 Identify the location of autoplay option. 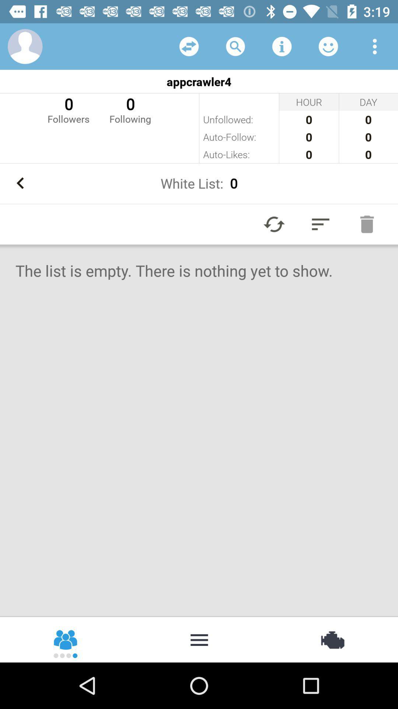
(274, 224).